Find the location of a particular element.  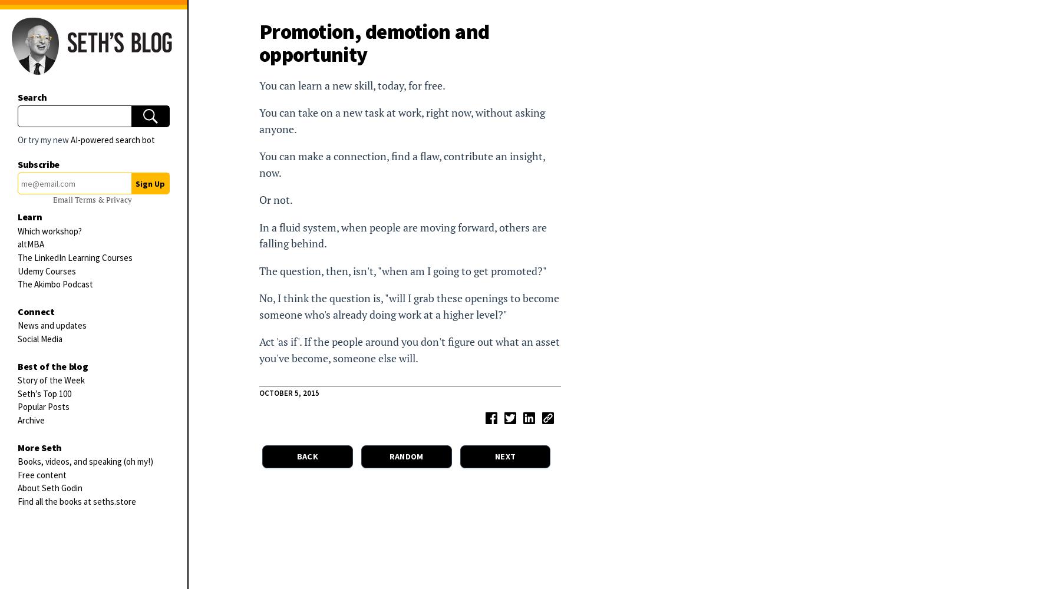

'Act 'as if'. If the people around you don't figure out what an asset you've become, someone else will.' is located at coordinates (409, 349).